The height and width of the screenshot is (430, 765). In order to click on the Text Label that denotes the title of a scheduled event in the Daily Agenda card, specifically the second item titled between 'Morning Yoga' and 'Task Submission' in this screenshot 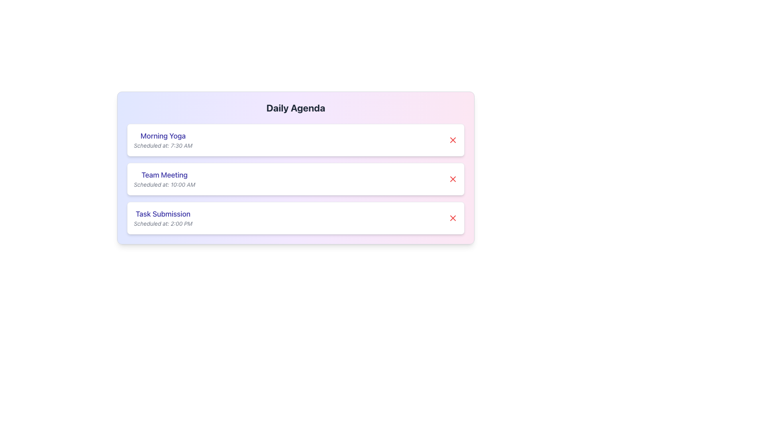, I will do `click(164, 174)`.